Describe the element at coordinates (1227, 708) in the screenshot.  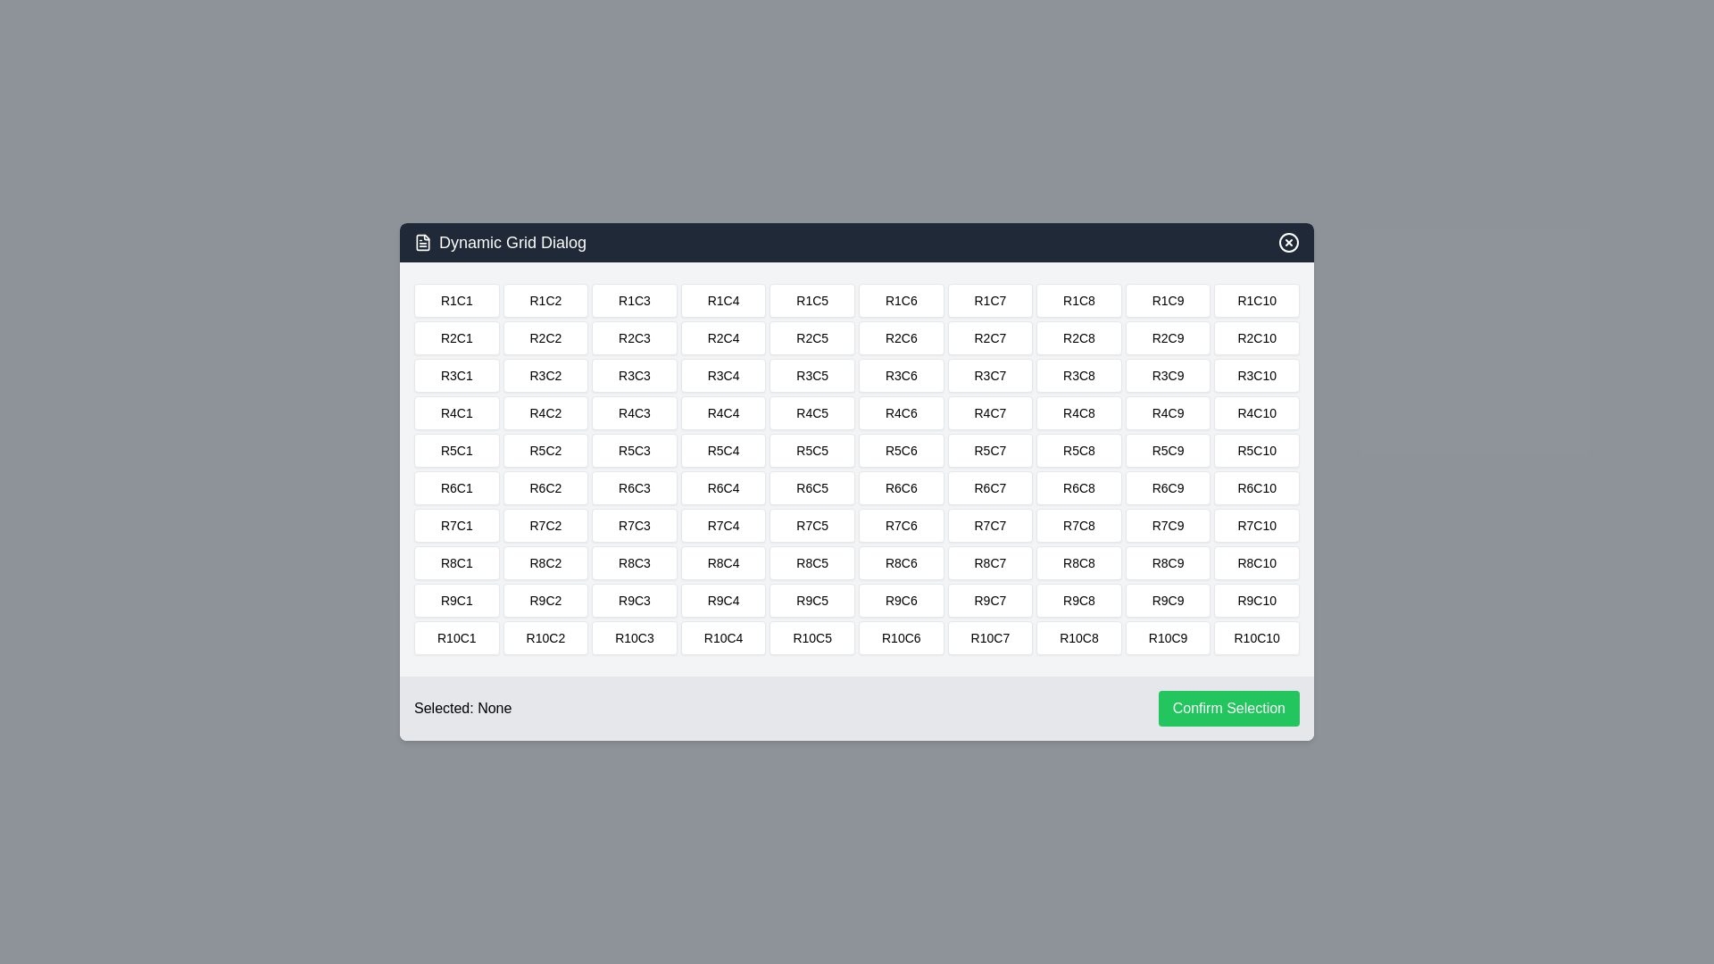
I see `'Confirm Selection' button to confirm the selected cell` at that location.